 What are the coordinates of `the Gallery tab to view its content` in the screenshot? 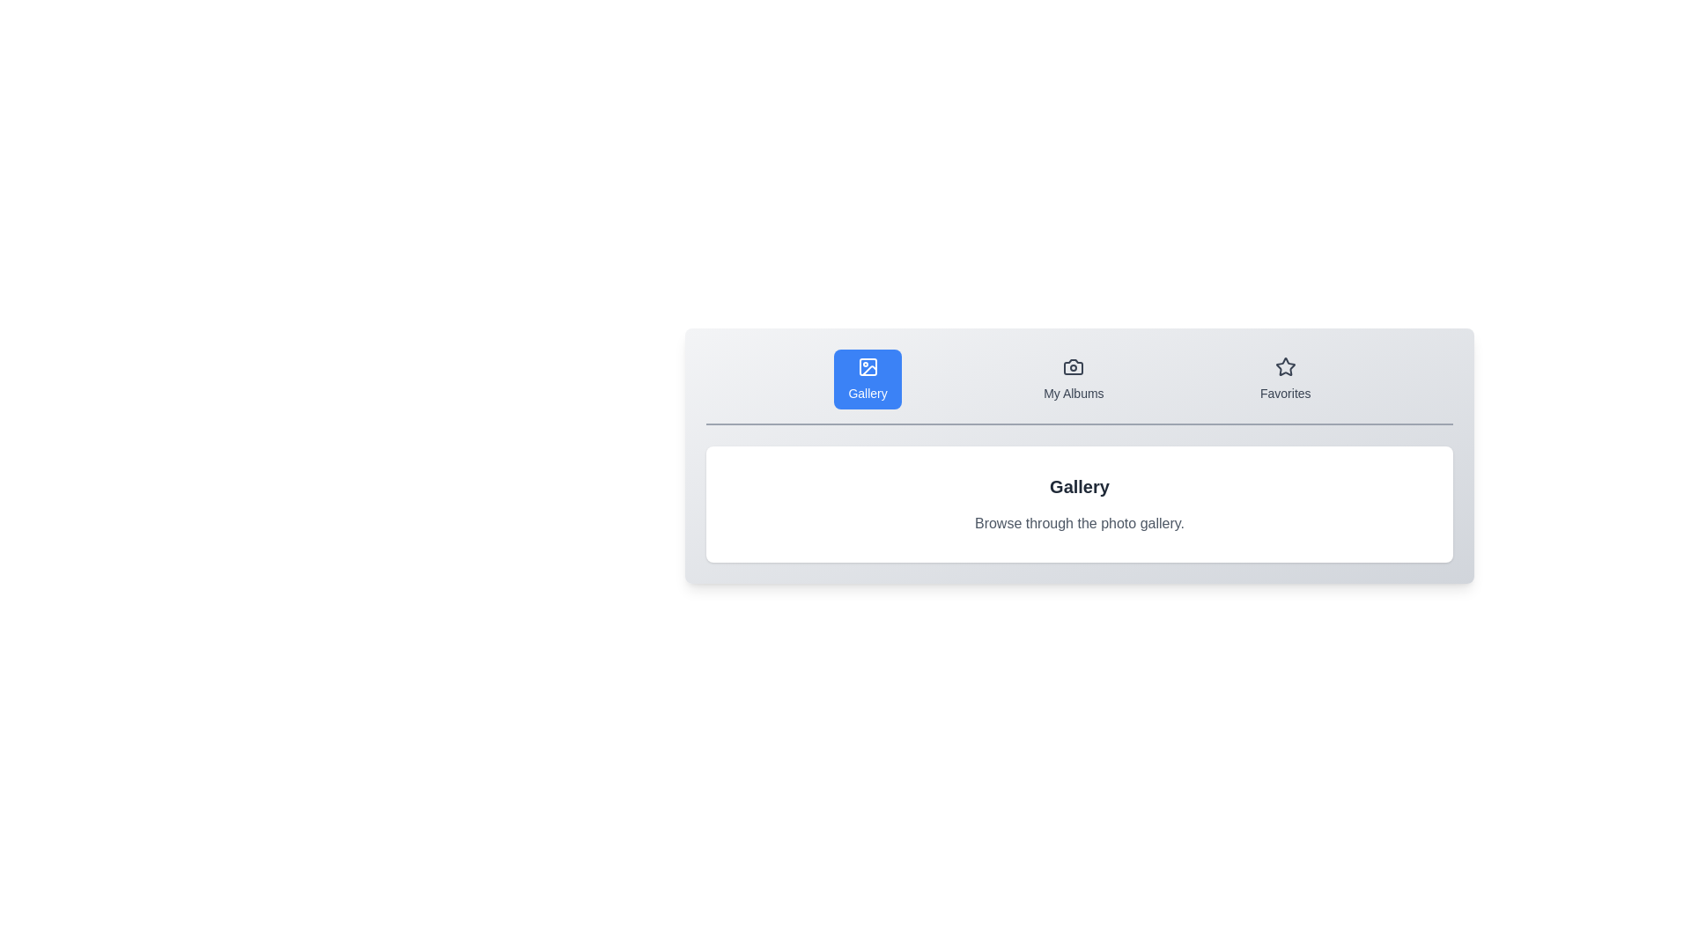 It's located at (867, 379).